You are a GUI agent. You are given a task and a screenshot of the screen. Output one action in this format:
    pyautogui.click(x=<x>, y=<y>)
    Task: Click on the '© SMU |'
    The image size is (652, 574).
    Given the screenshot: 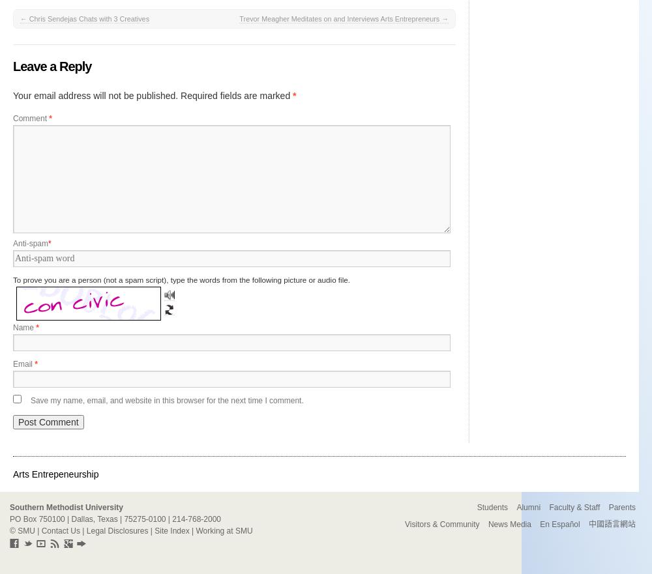 What is the action you would take?
    pyautogui.click(x=10, y=530)
    